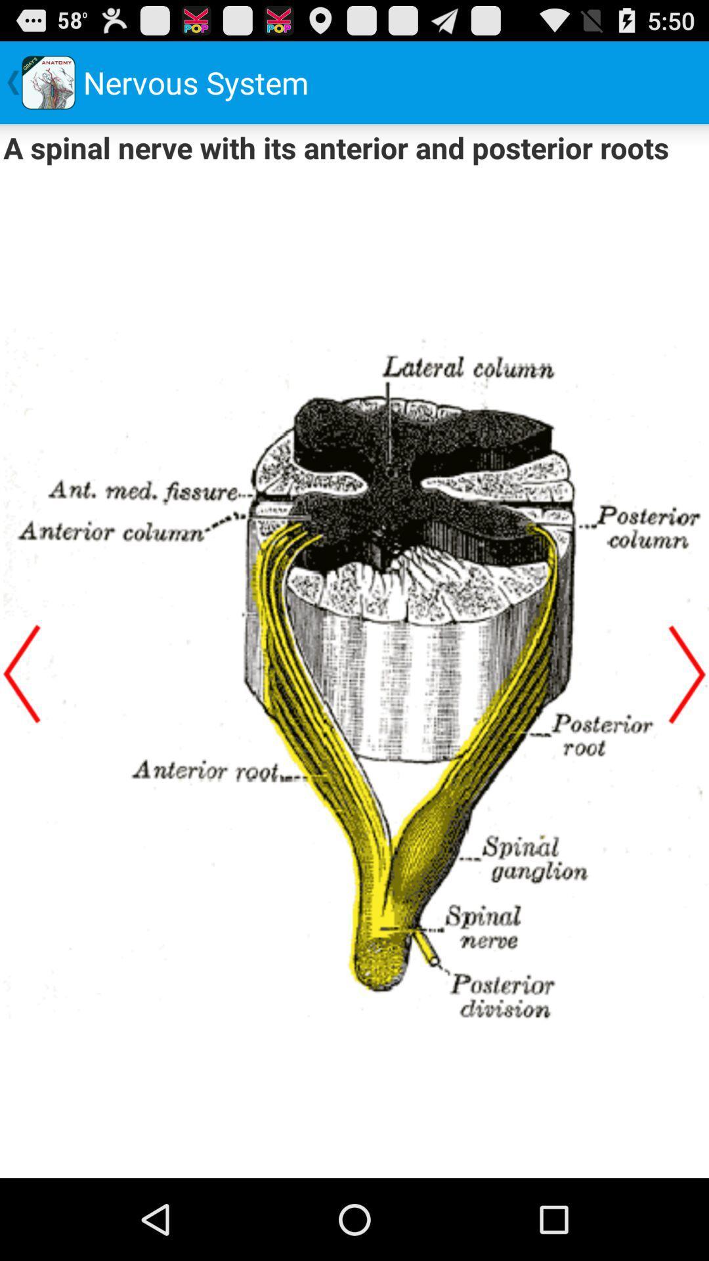 The width and height of the screenshot is (709, 1261). Describe the element at coordinates (22, 674) in the screenshot. I see `go back` at that location.